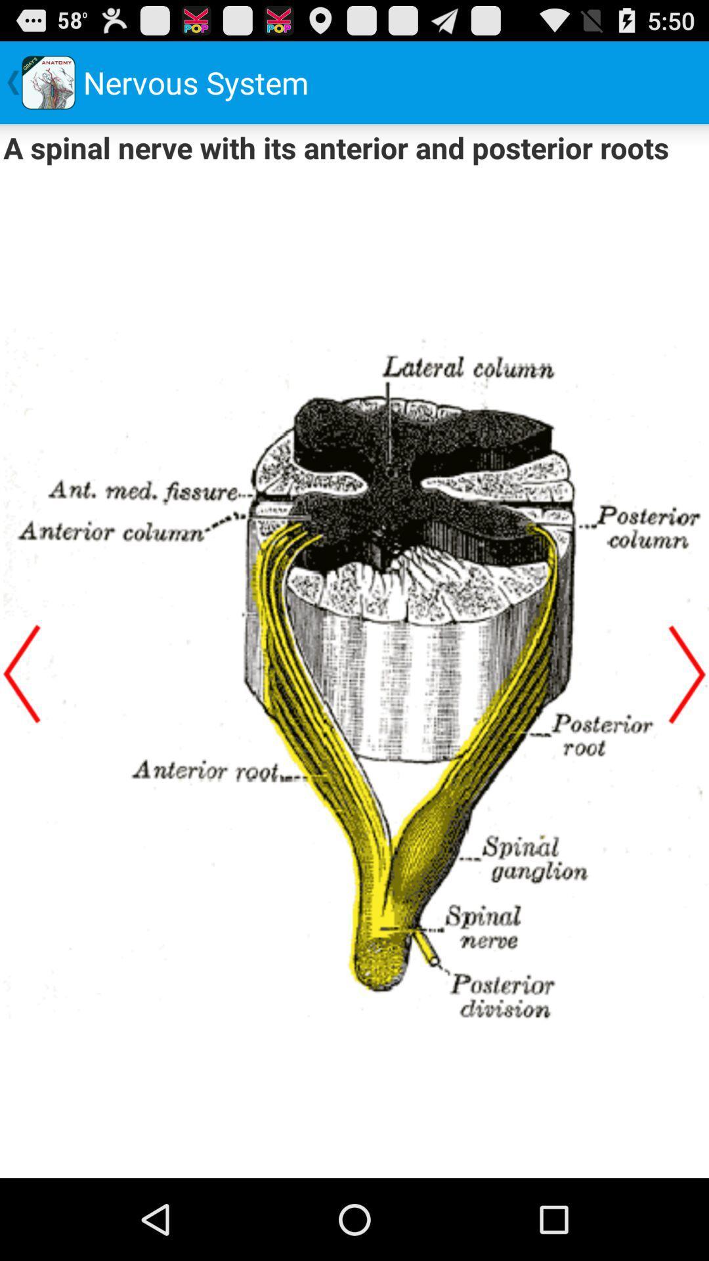 The width and height of the screenshot is (709, 1261). Describe the element at coordinates (22, 674) in the screenshot. I see `go back` at that location.